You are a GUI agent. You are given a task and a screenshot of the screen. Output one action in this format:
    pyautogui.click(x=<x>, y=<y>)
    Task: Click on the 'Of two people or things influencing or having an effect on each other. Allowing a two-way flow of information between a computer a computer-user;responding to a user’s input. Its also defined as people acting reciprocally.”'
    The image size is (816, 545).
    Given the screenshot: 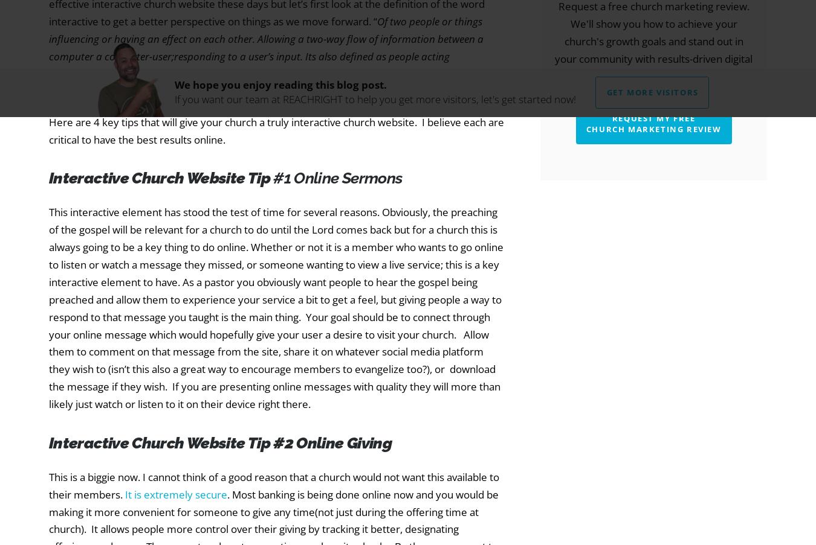 What is the action you would take?
    pyautogui.click(x=266, y=47)
    